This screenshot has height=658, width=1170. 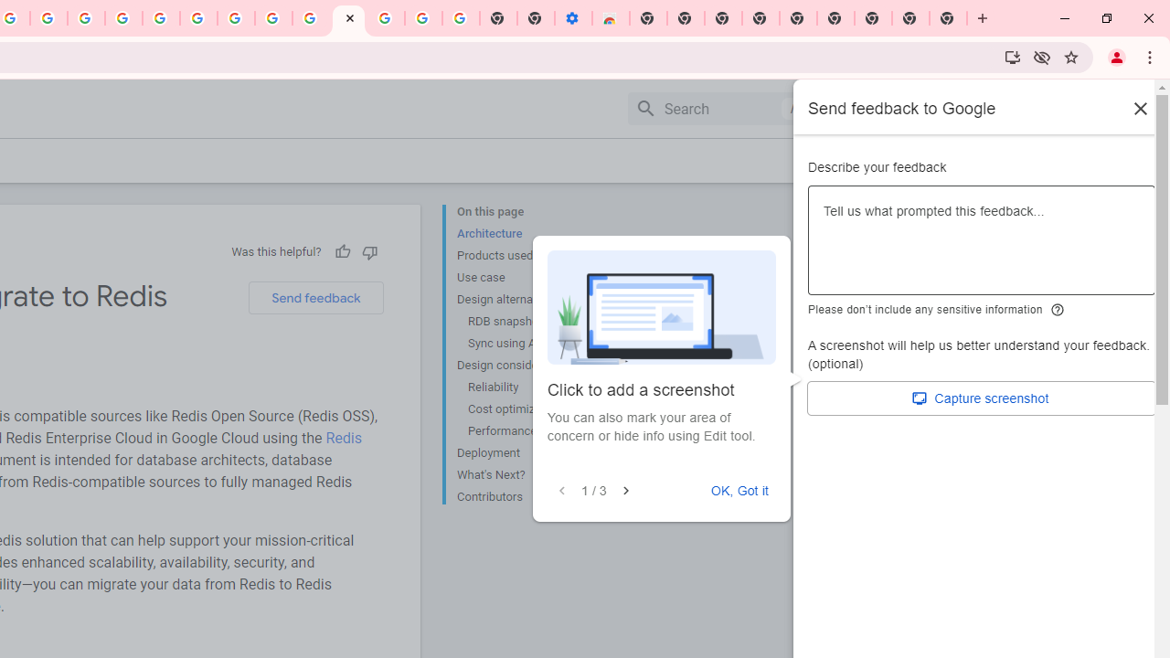 What do you see at coordinates (48, 18) in the screenshot?
I see `'Create your Google Account'` at bounding box center [48, 18].